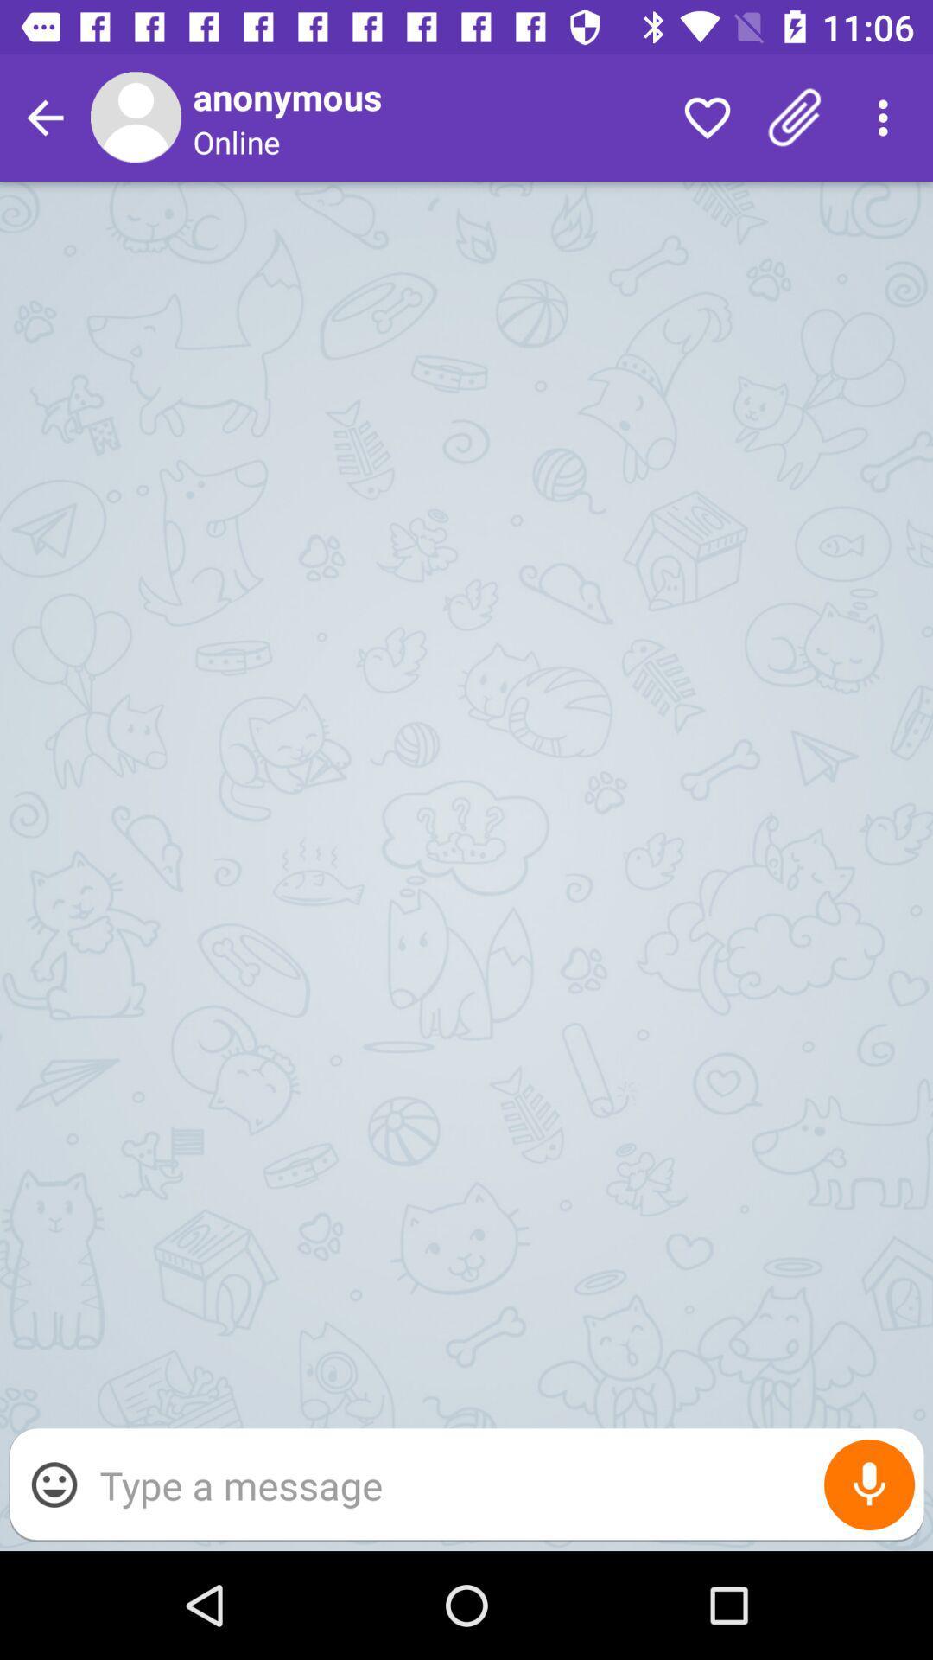  What do you see at coordinates (53, 1484) in the screenshot?
I see `emoji keyboard display` at bounding box center [53, 1484].